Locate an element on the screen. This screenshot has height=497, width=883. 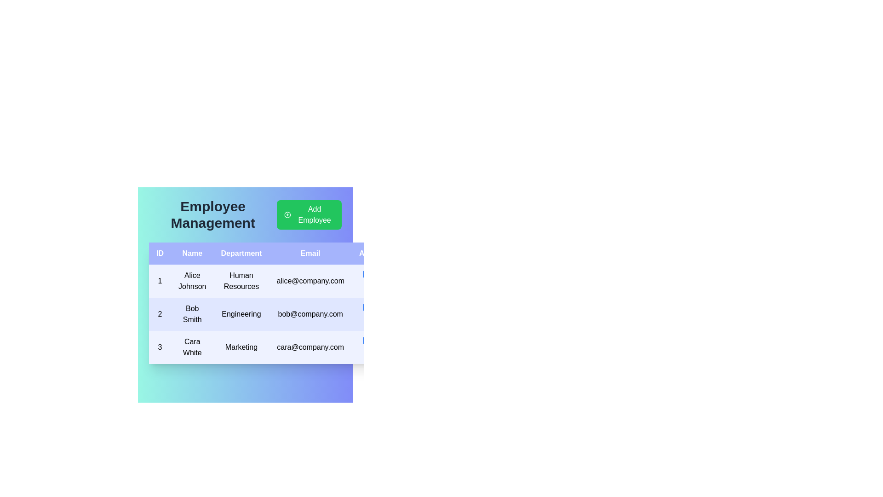
the 'Add Employee' button, which has a bold green background, rounded corners, and white text with a plus icon, located next to the 'Employee Management' title is located at coordinates (309, 214).